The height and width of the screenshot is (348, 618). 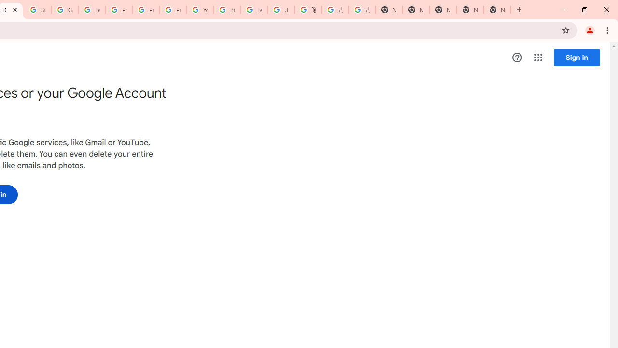 What do you see at coordinates (199, 10) in the screenshot?
I see `'YouTube'` at bounding box center [199, 10].